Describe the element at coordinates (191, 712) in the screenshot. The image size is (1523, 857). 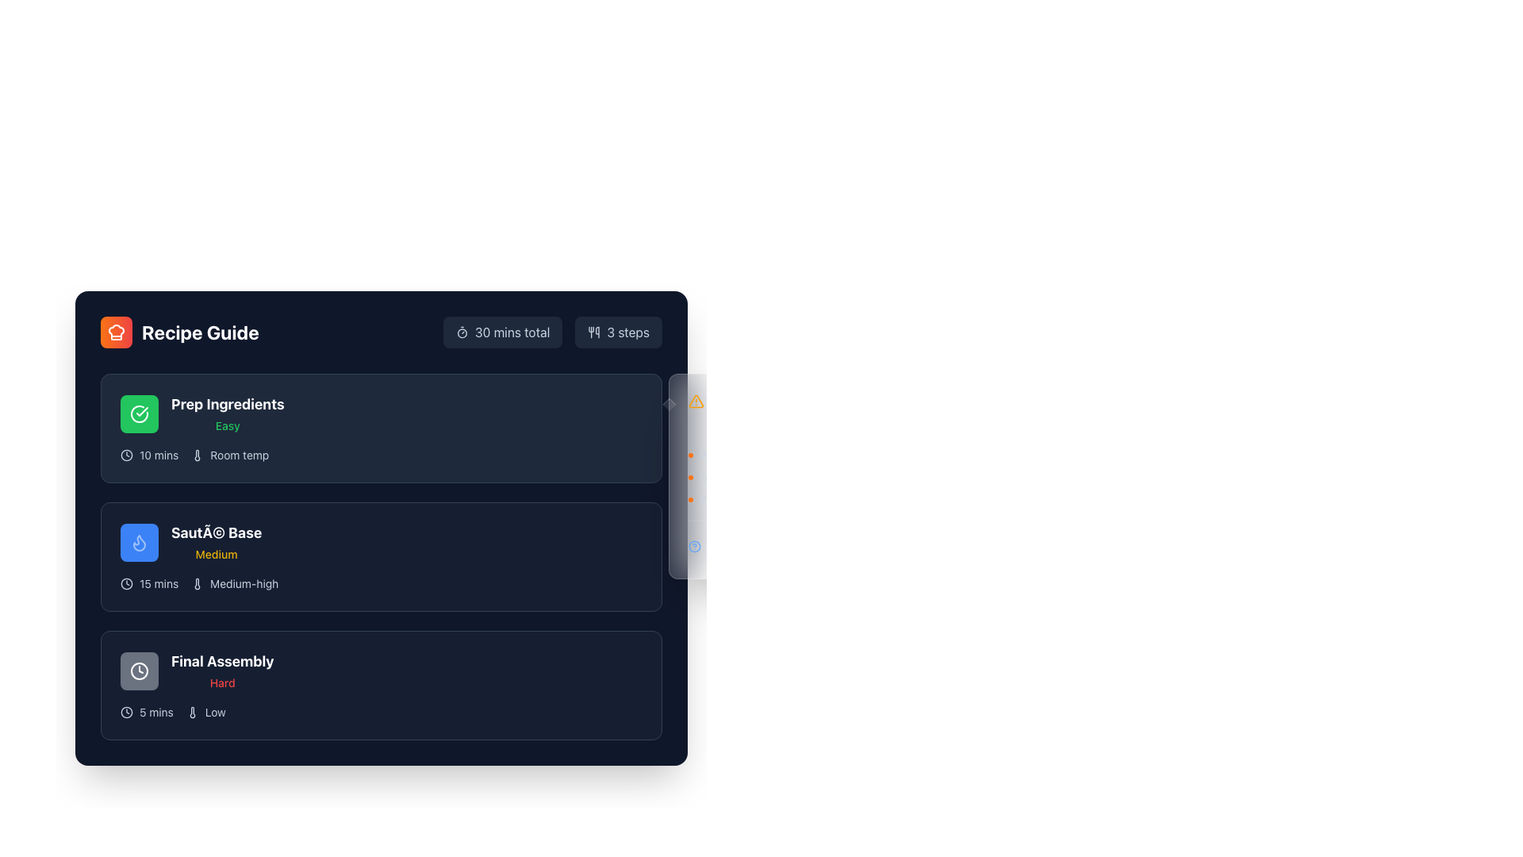
I see `the low temperature setting icon located in the 'Final Assembly' row, near the bottom left of the 'Low' text within the gray difficulty level indicator box` at that location.